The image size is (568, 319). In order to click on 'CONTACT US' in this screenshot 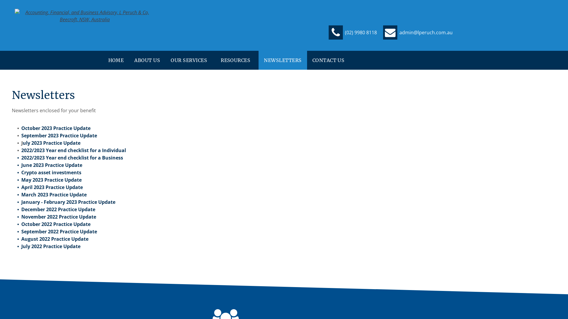, I will do `click(328, 60)`.